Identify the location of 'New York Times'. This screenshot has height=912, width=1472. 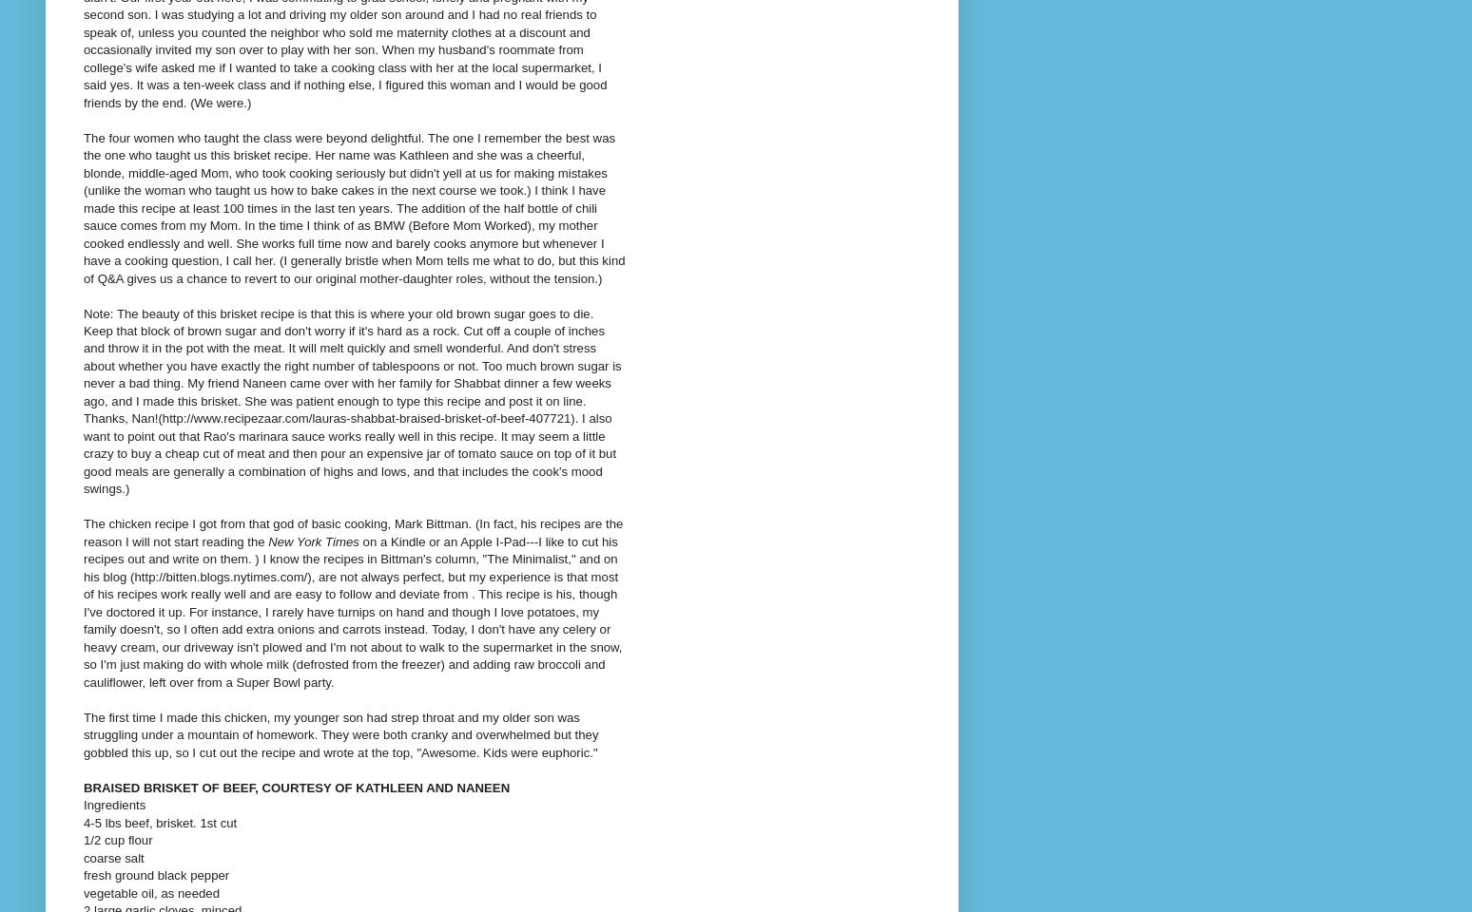
(315, 541).